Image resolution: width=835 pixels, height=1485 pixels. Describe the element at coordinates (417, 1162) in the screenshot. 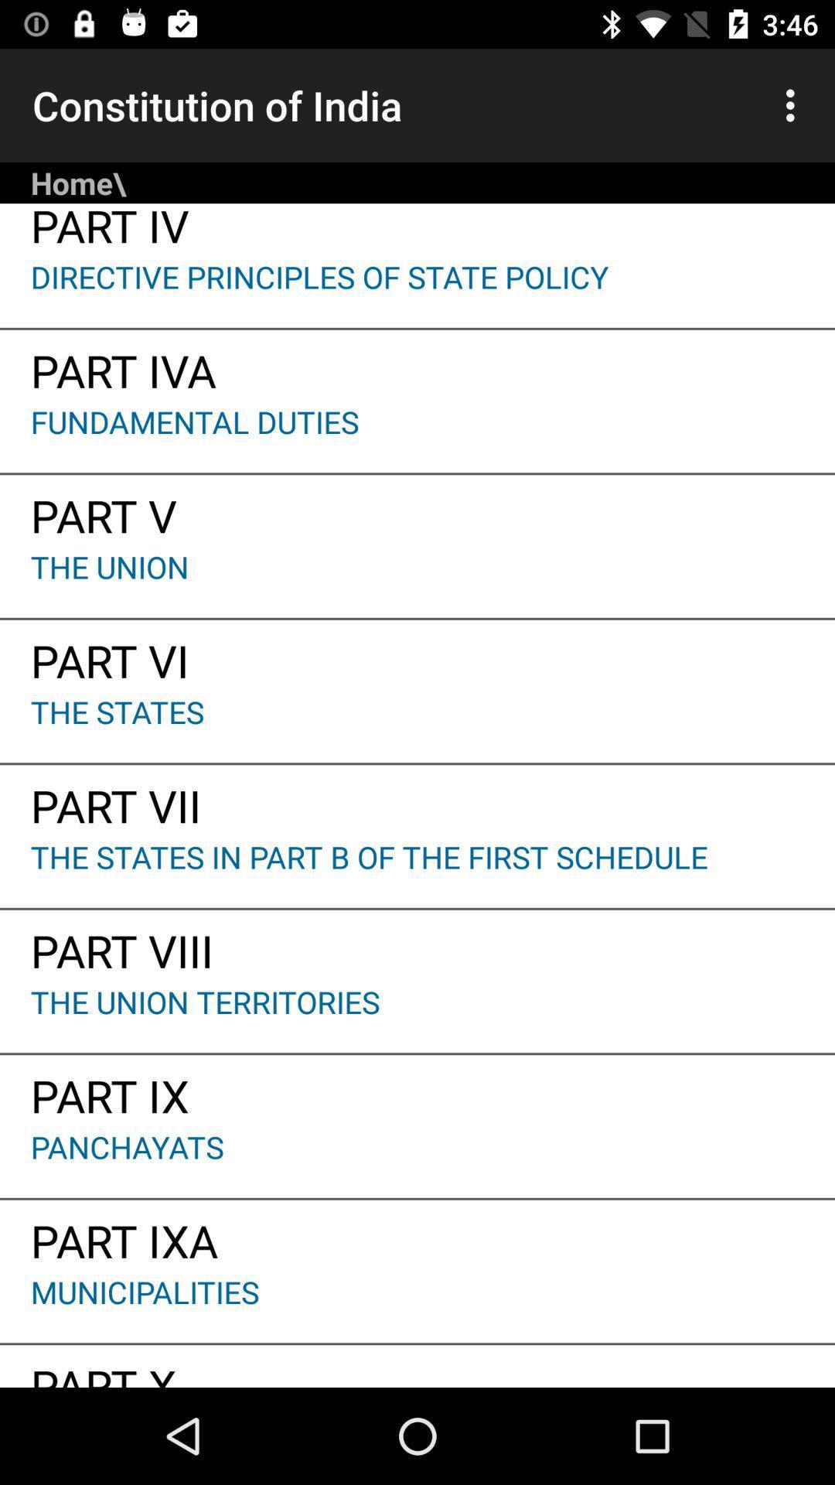

I see `panchayats app` at that location.